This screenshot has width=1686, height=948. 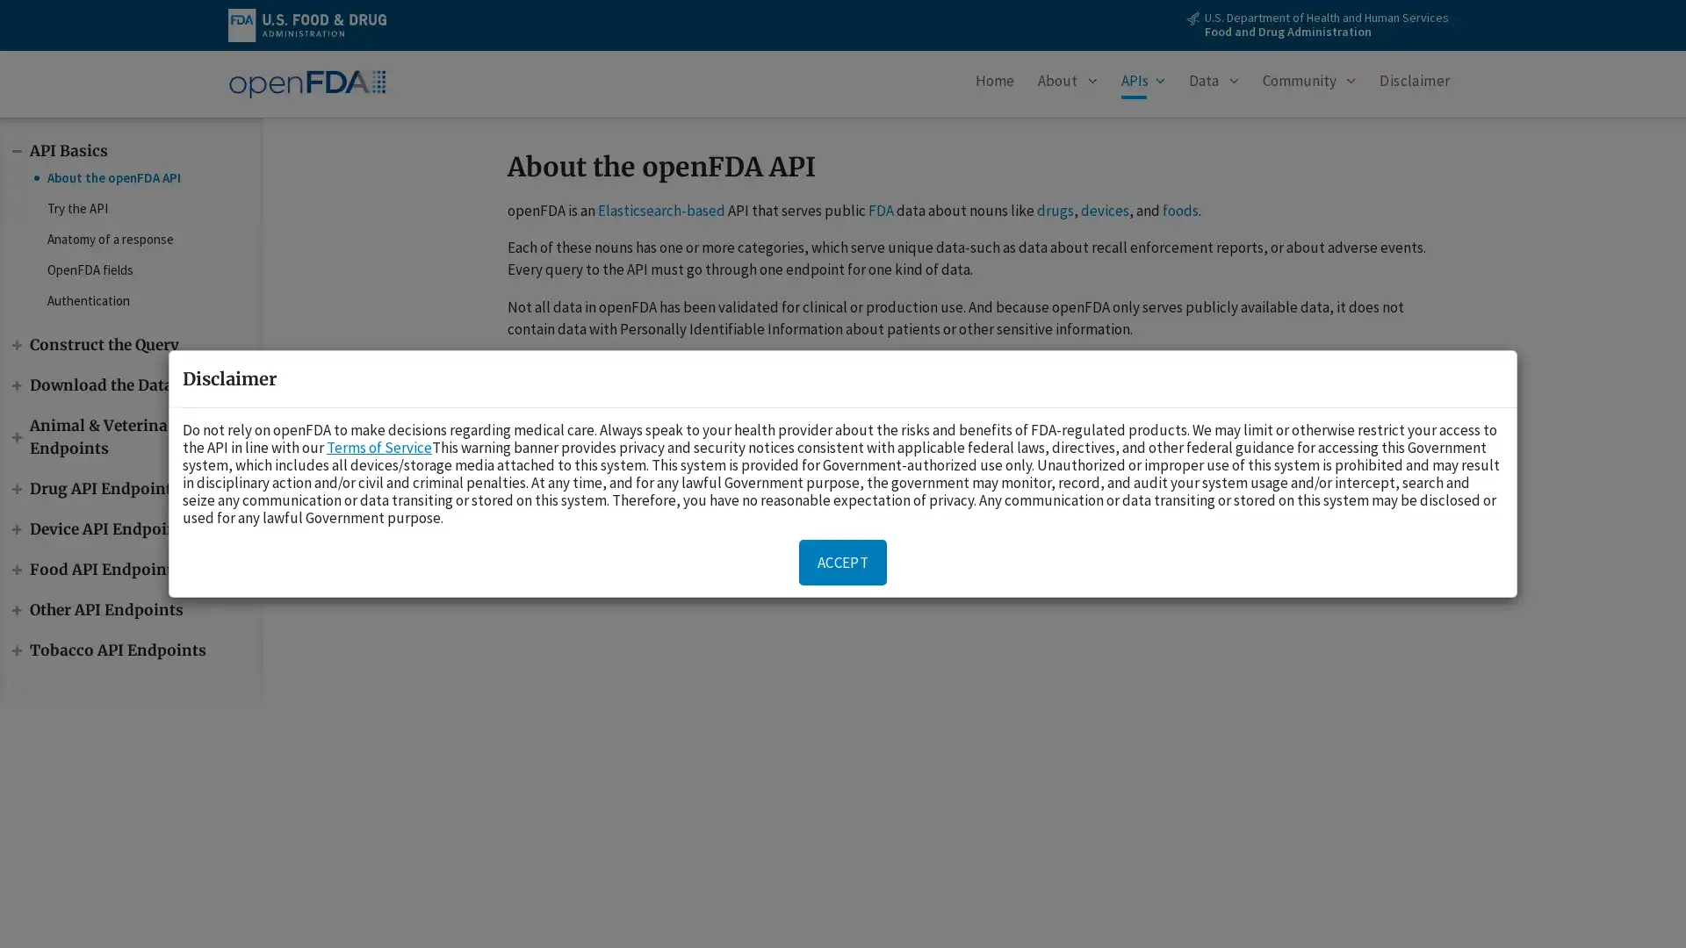 What do you see at coordinates (843, 562) in the screenshot?
I see `ACCEPT` at bounding box center [843, 562].